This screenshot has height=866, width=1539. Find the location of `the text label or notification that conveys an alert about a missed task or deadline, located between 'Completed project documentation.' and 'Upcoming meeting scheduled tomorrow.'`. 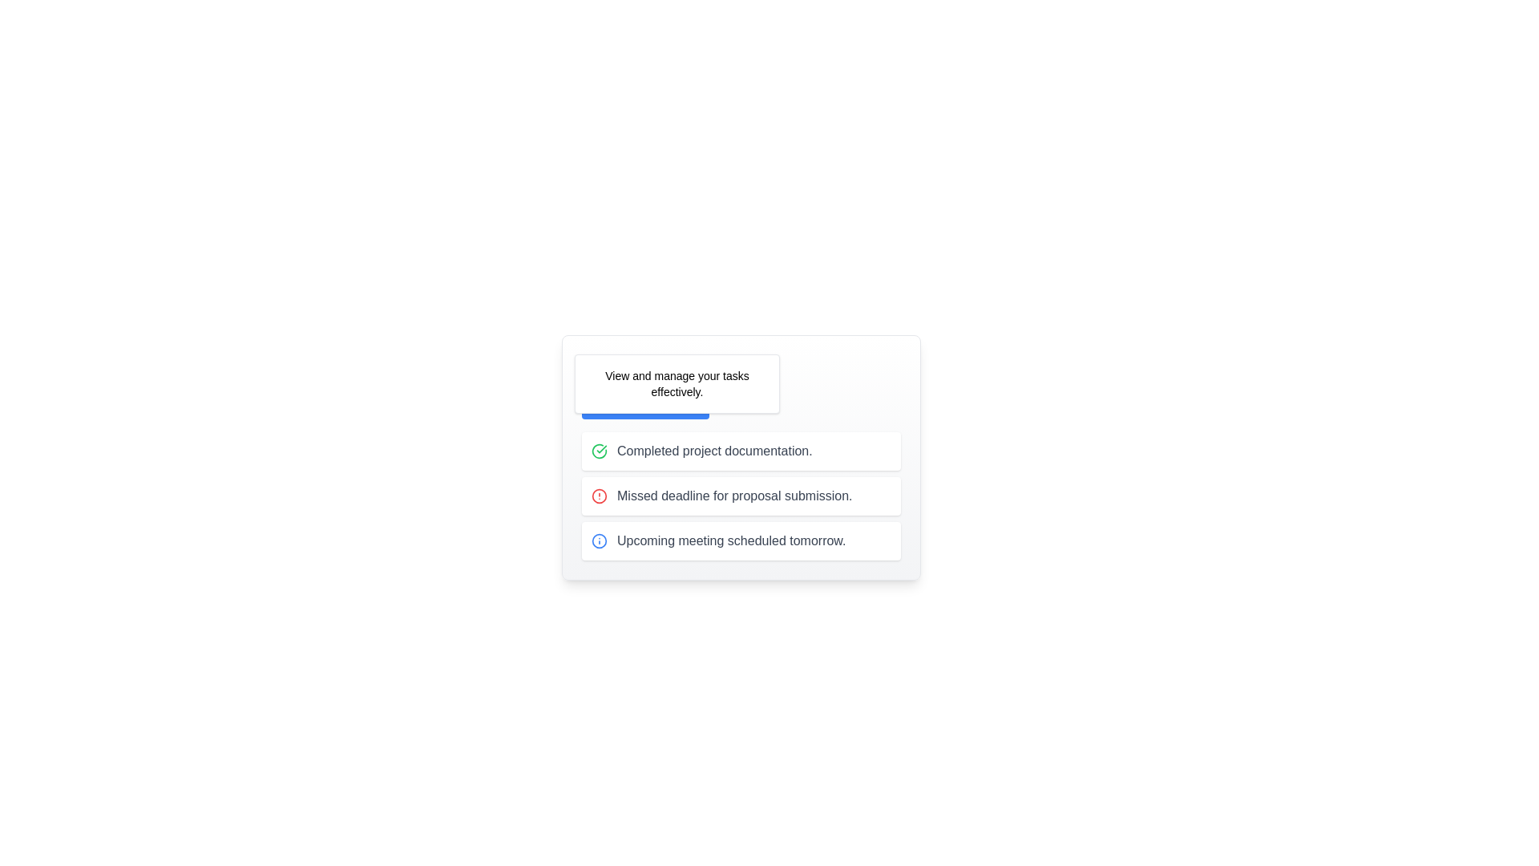

the text label or notification that conveys an alert about a missed task or deadline, located between 'Completed project documentation.' and 'Upcoming meeting scheduled tomorrow.' is located at coordinates (733, 495).